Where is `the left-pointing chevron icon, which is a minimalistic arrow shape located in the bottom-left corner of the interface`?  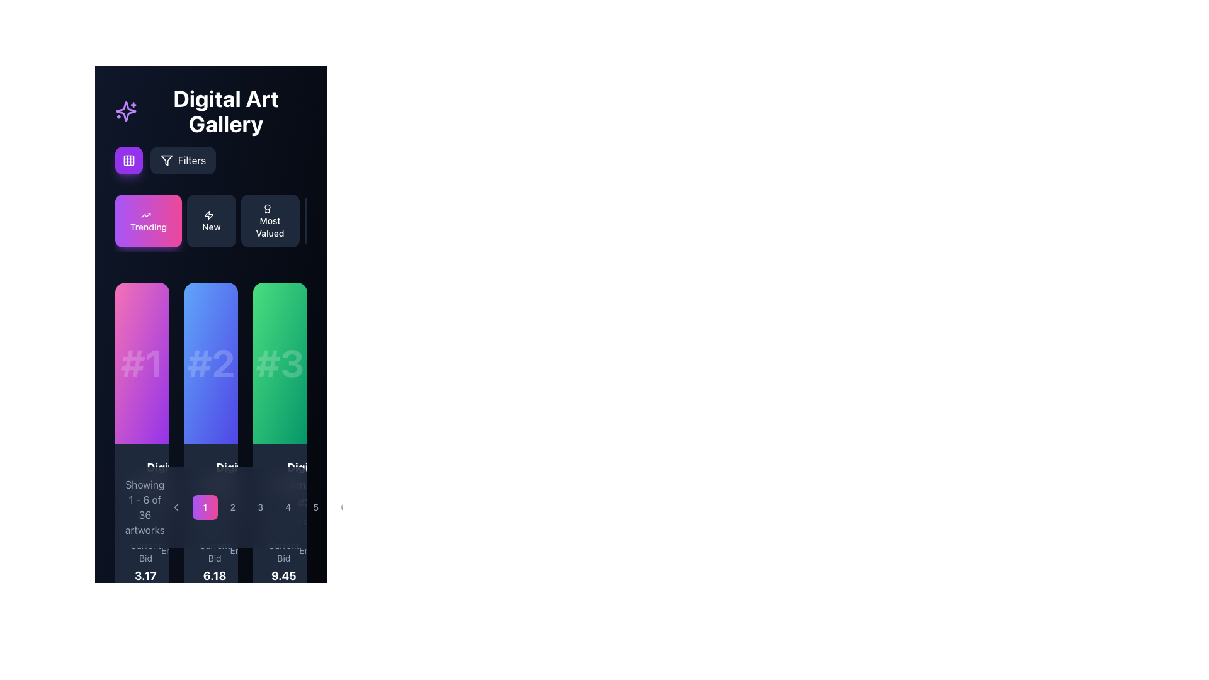 the left-pointing chevron icon, which is a minimalistic arrow shape located in the bottom-left corner of the interface is located at coordinates (175, 507).